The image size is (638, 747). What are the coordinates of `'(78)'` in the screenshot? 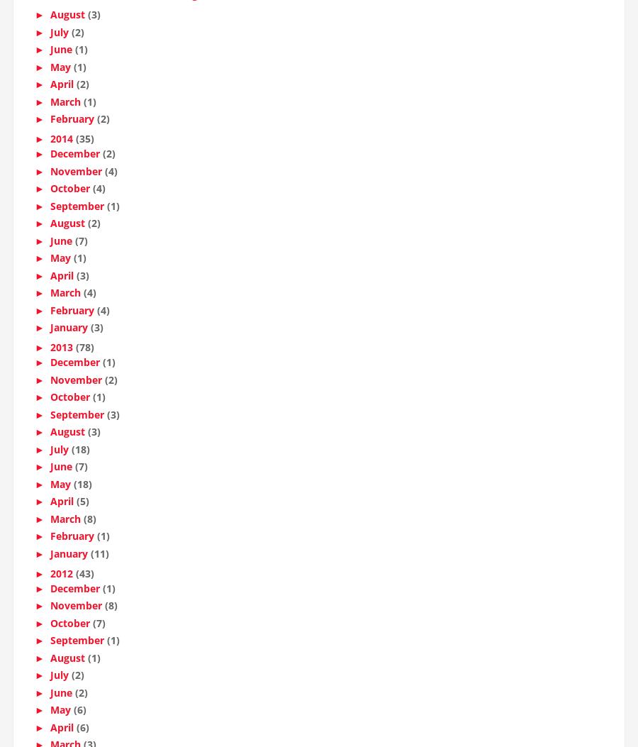 It's located at (74, 352).